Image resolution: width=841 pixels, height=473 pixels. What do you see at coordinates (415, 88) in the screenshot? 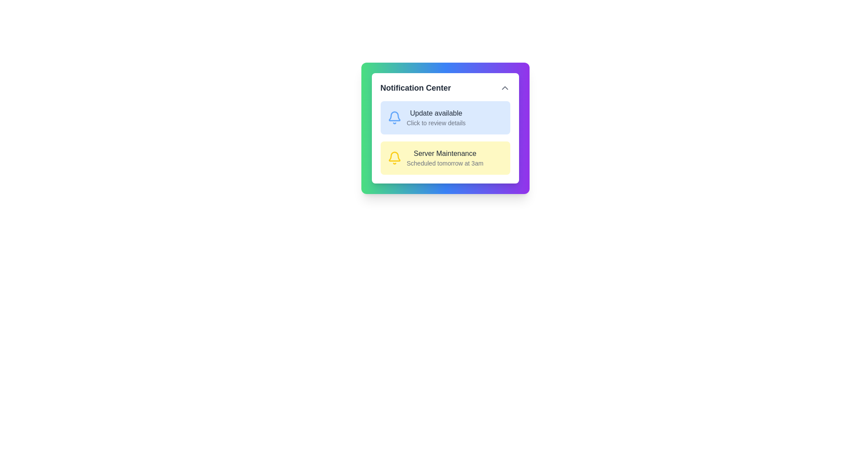
I see `the Text Label that serves as the title for the Notification Center component, positioned at the top of the floating rectangular card` at bounding box center [415, 88].